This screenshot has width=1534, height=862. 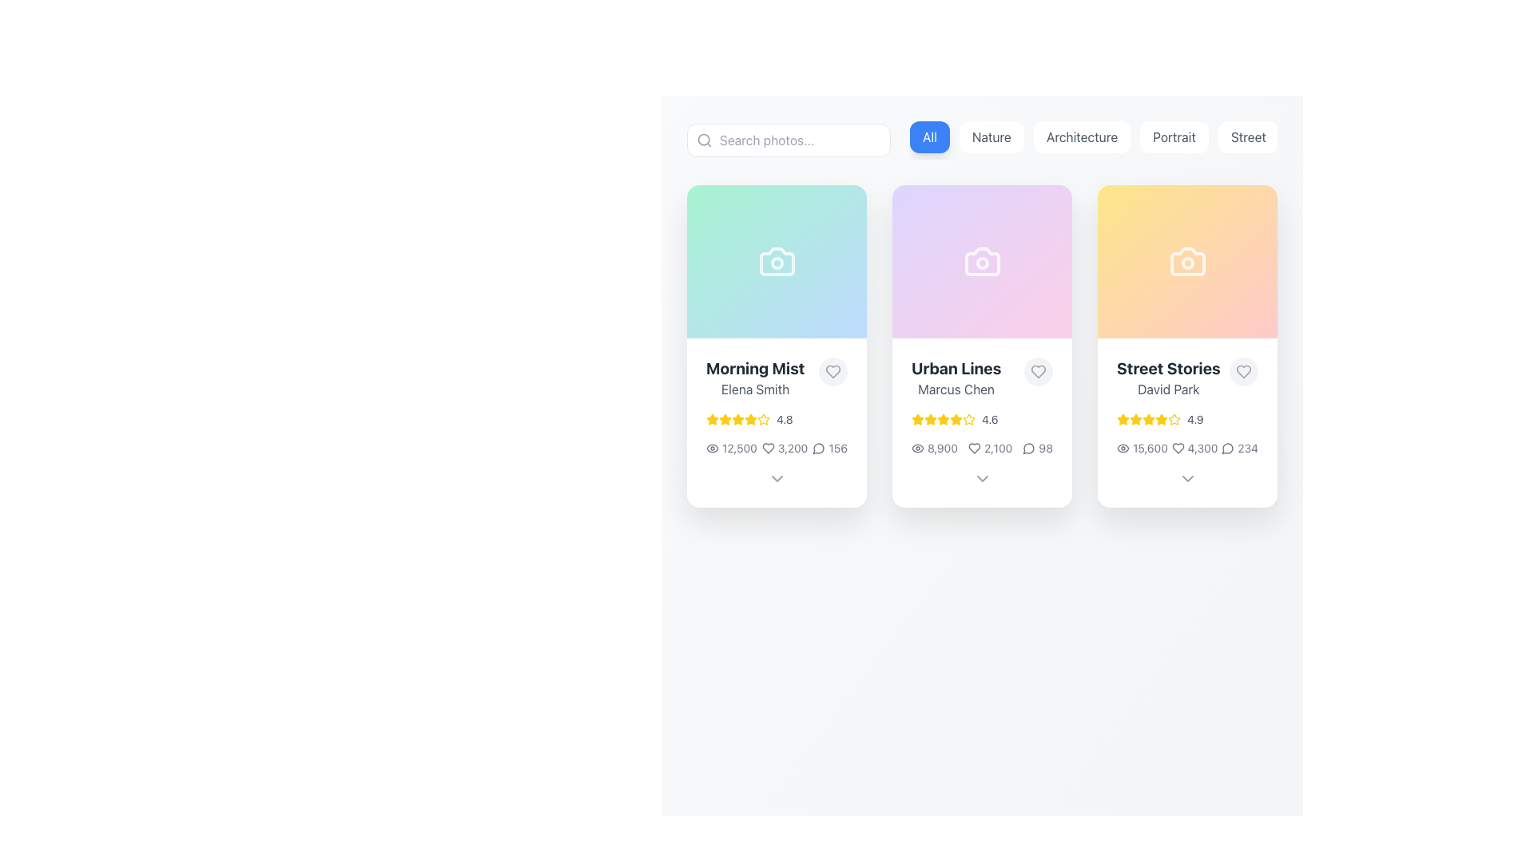 What do you see at coordinates (1242, 372) in the screenshot?
I see `the interactive heart icon button located at the top-right corner of the 'Street Stories' card by 'David Park'` at bounding box center [1242, 372].